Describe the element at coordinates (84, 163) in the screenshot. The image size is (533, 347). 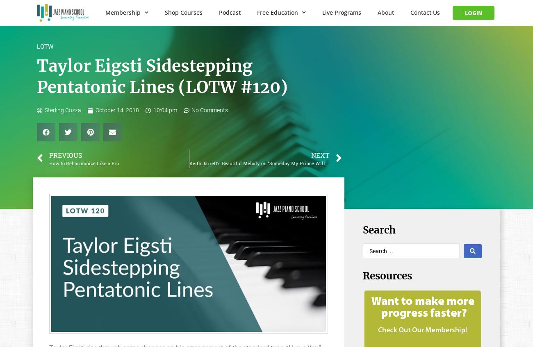
I see `'How to Reharmonize Like a Pro'` at that location.